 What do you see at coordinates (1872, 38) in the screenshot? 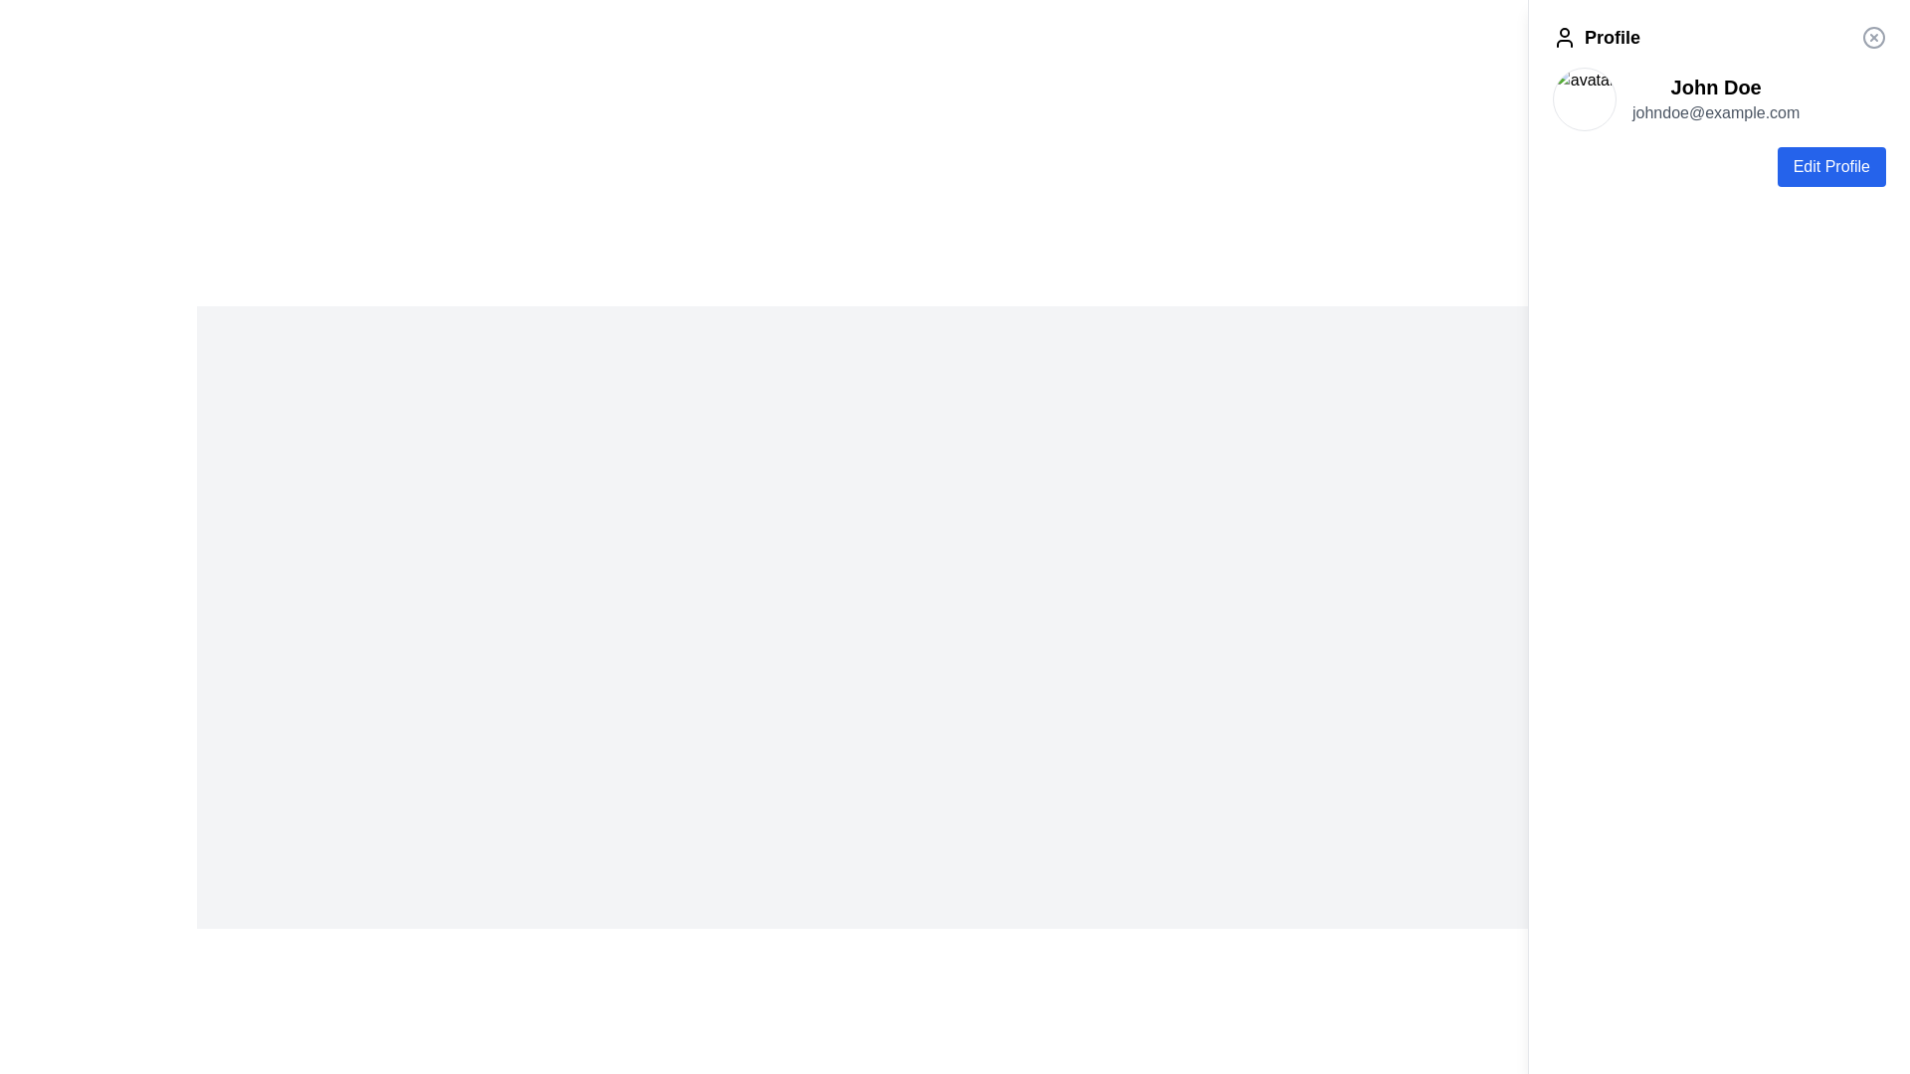
I see `the central circular element of the close button located at the top-right corner of the user interface, which is visually represented as a circle within a larger circle that has a cross inside` at bounding box center [1872, 38].